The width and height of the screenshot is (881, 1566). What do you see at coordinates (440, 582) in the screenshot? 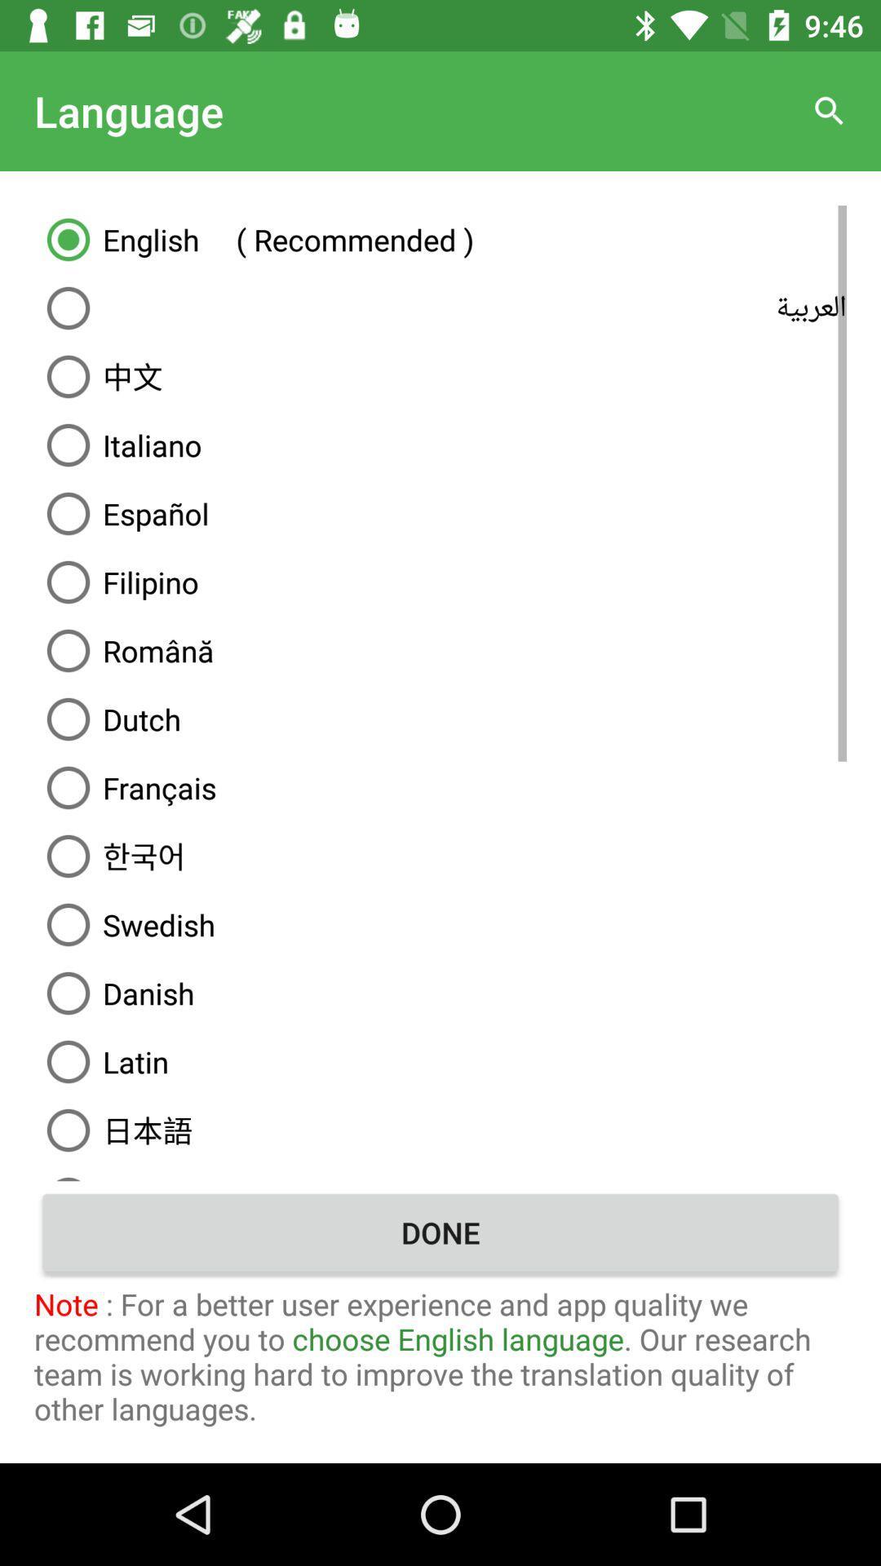
I see `filipino below espanol` at bounding box center [440, 582].